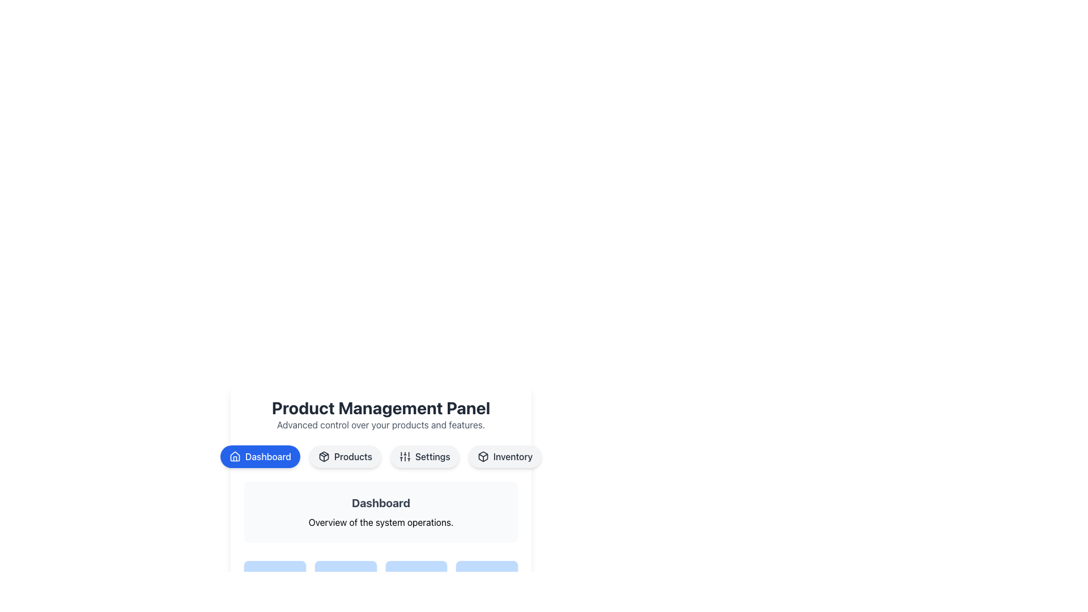 The height and width of the screenshot is (612, 1088). I want to click on information displayed on the 'Dashboard' informational card, which has a light gray background and rounded corners, with the title 'Dashboard' in bold at the top and the subtitle 'Overview of the system operations.' below it, so click(381, 512).